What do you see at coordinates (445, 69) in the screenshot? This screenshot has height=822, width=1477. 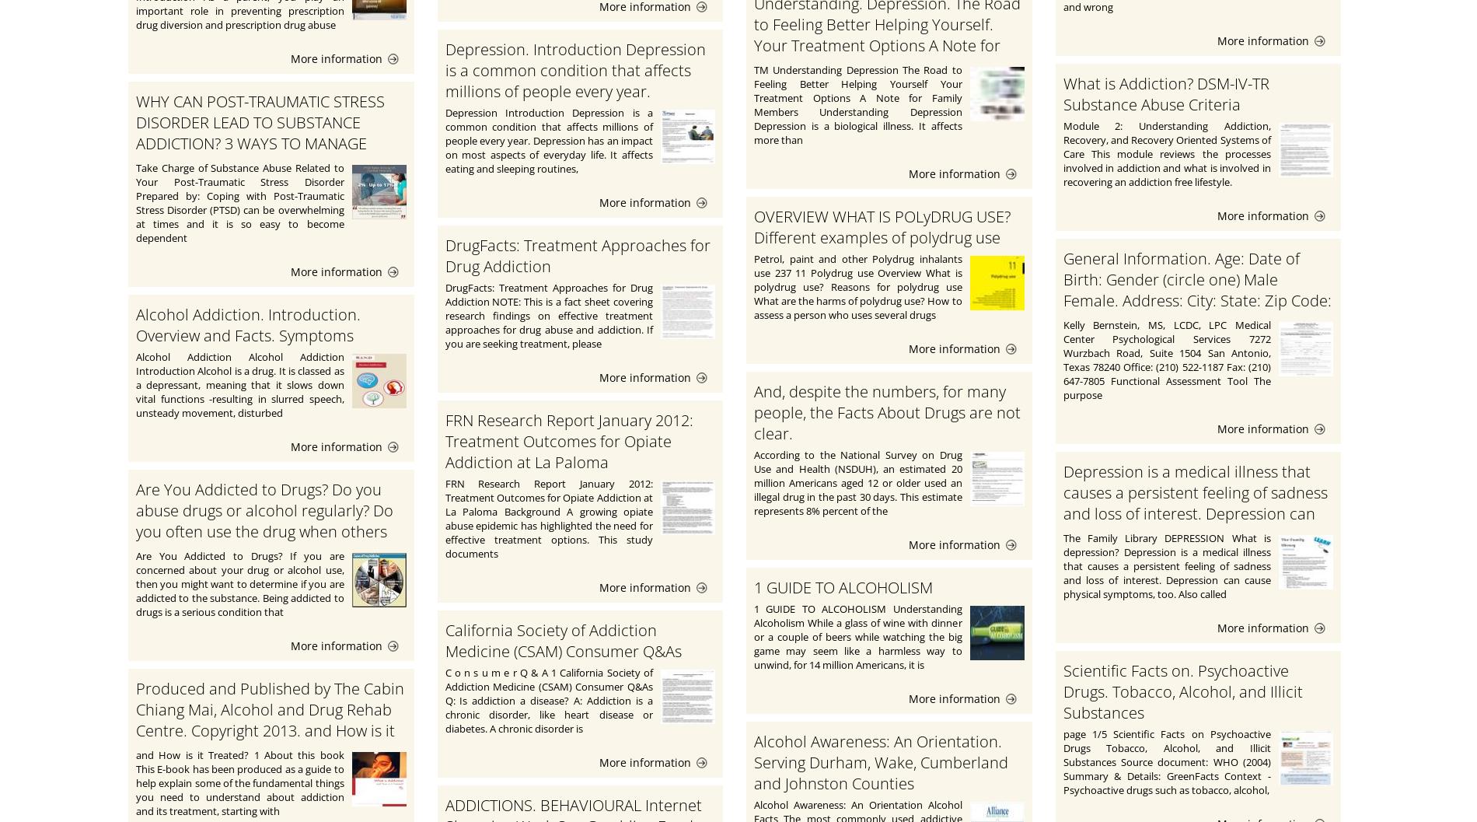 I see `'Depression. Introduction Depression is a common condition that affects millions of people every year.'` at bounding box center [445, 69].